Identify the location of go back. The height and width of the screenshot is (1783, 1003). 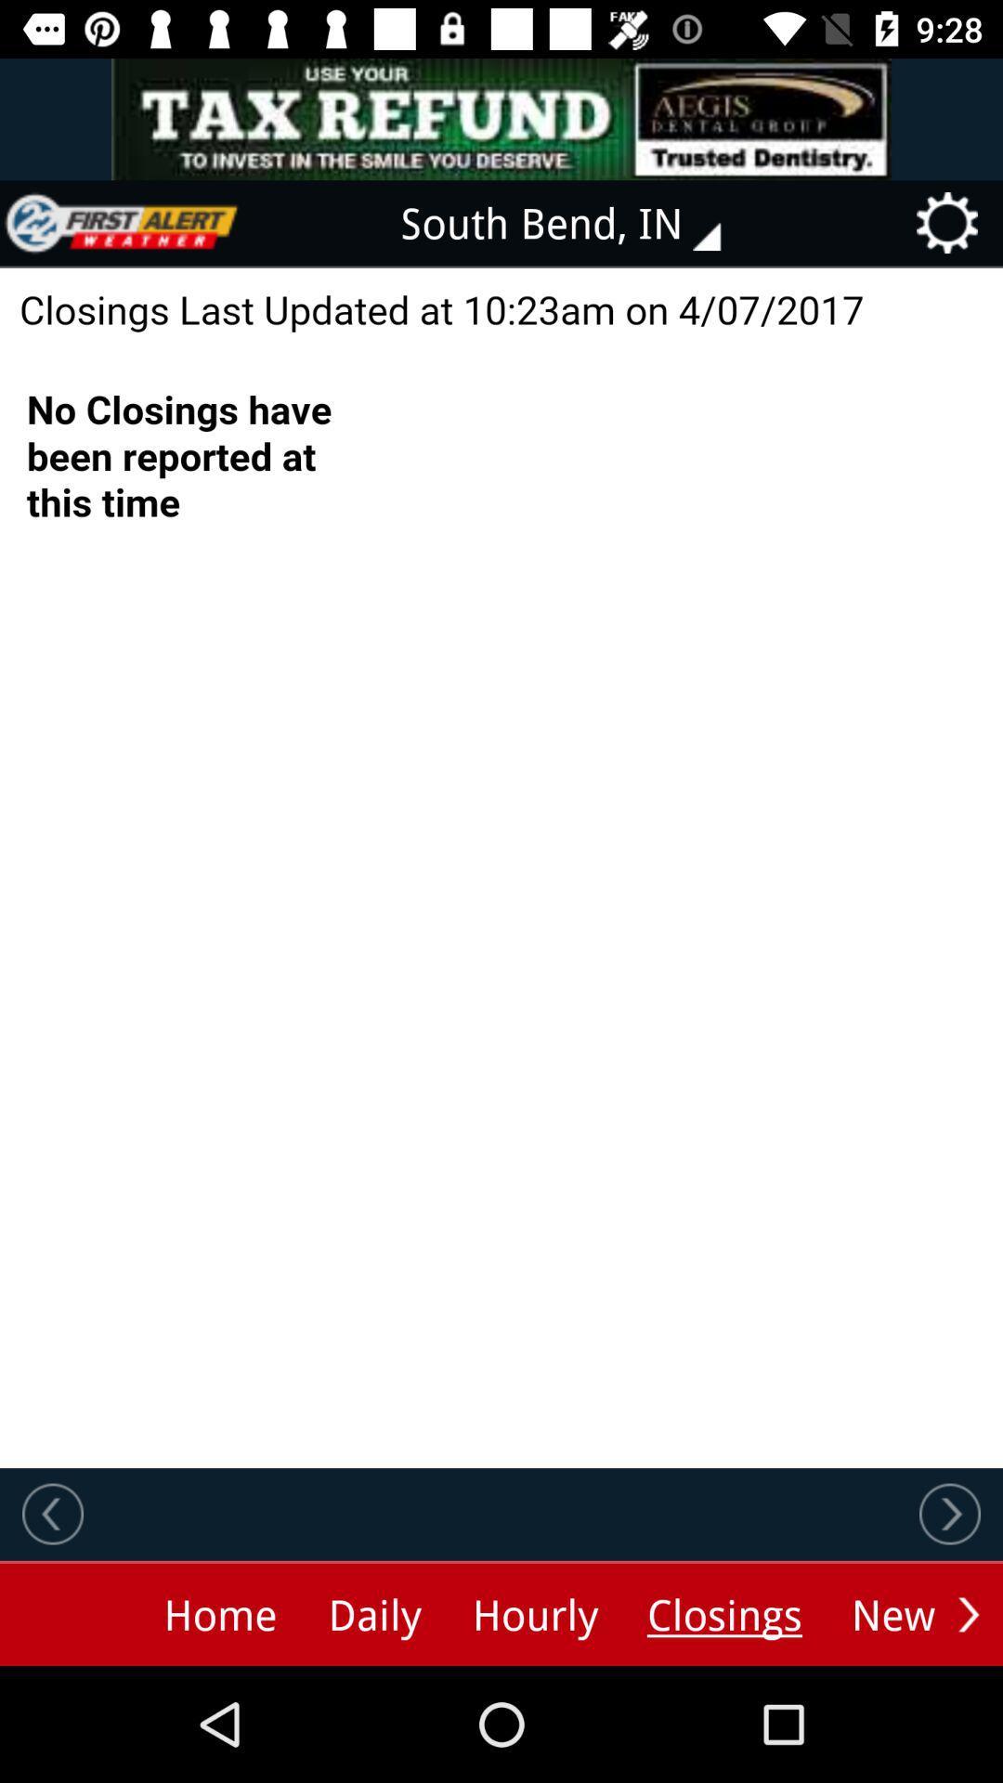
(52, 1514).